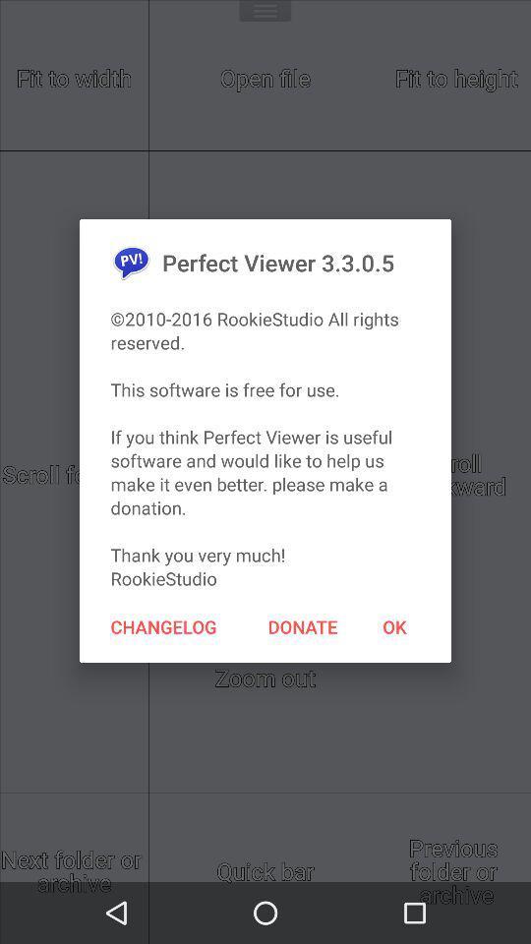 This screenshot has width=531, height=944. Describe the element at coordinates (303, 625) in the screenshot. I see `icon to the right of the changelog item` at that location.